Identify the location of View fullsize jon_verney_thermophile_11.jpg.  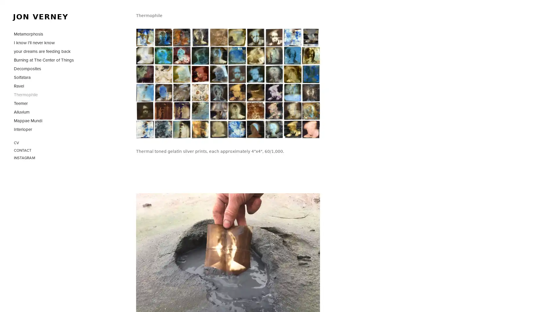
(218, 73).